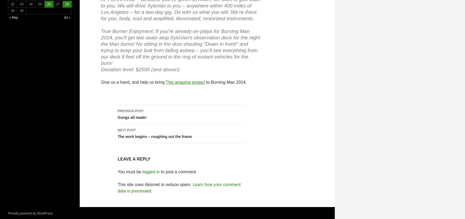 Image resolution: width=465 pixels, height=219 pixels. Describe the element at coordinates (130, 111) in the screenshot. I see `'Previous Post'` at that location.